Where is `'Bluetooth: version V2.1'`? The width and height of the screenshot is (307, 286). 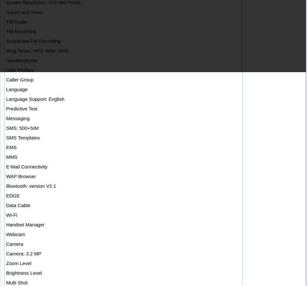
'Bluetooth: version V2.1' is located at coordinates (31, 186).